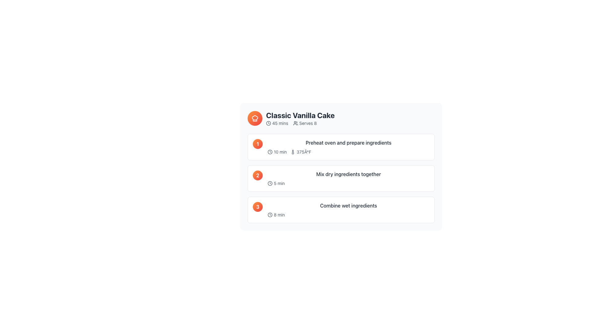 This screenshot has height=333, width=592. What do you see at coordinates (276, 215) in the screenshot?
I see `displayed time duration from the icon with text label located in the third instruction card below 'Combine wet ingredients', positioned in the top-left region of this card, below the numeral '3'` at bounding box center [276, 215].